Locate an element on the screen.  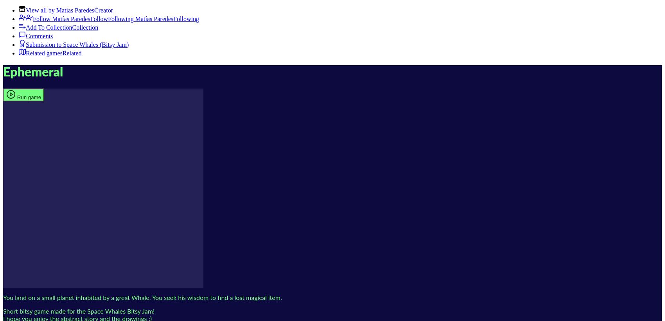
'Follow Matías Paredes' is located at coordinates (61, 19).